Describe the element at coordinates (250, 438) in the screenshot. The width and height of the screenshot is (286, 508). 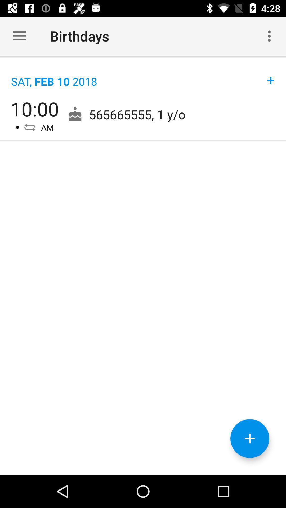
I see `more` at that location.